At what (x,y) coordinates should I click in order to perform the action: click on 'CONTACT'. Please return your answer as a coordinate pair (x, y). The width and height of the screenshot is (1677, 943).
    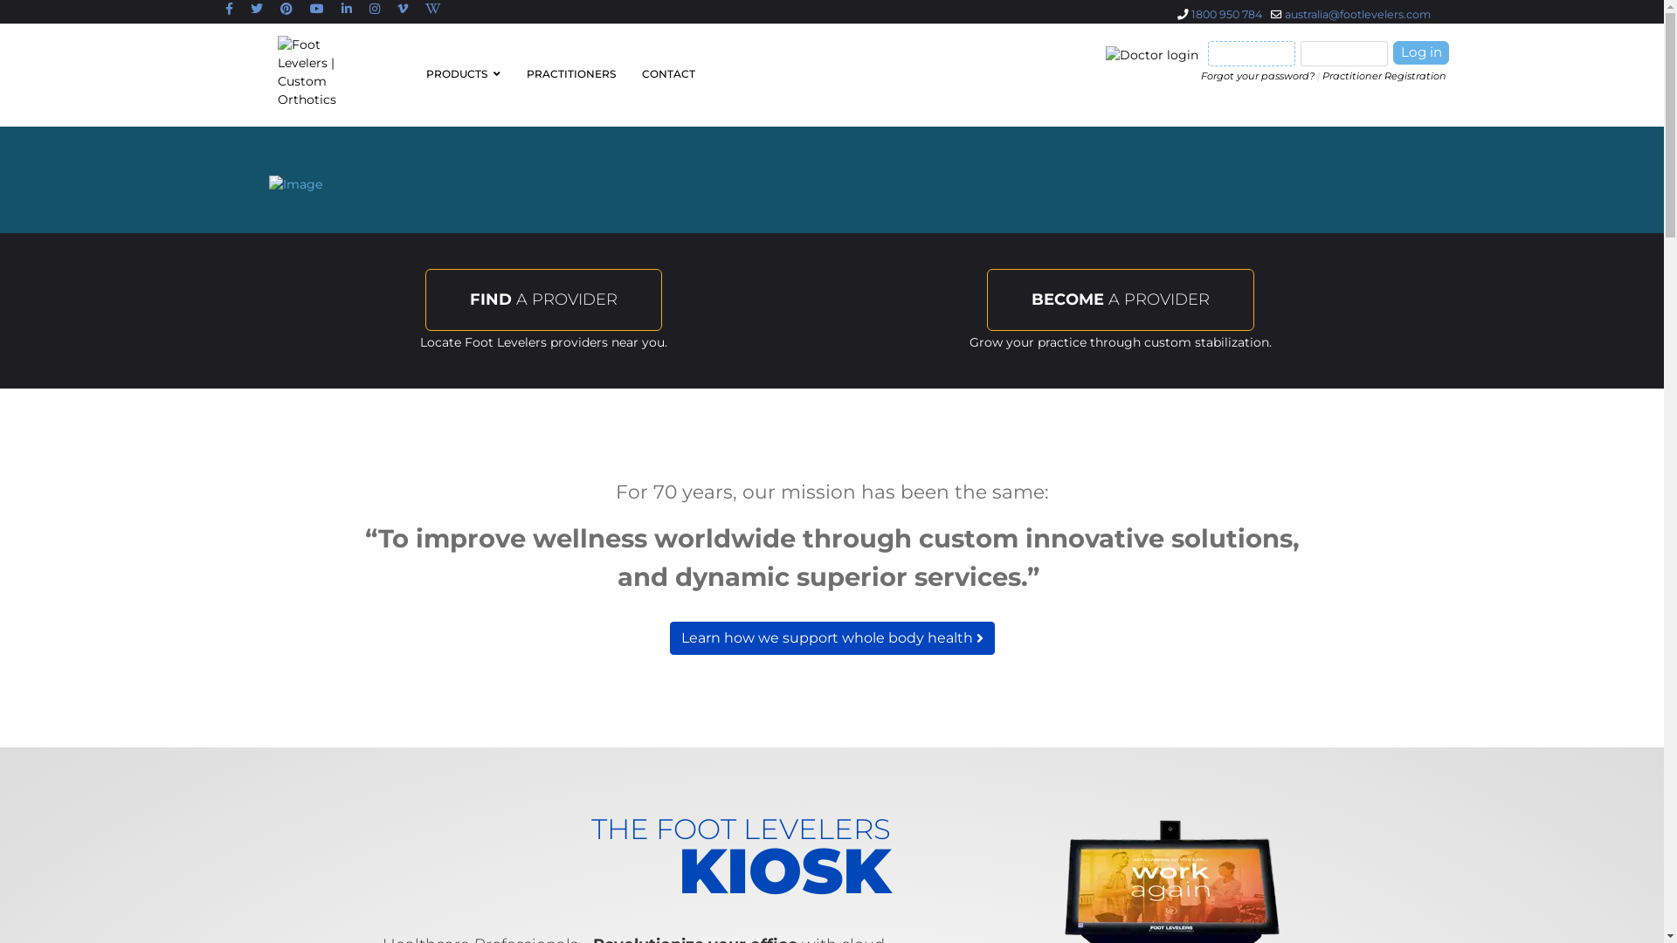
    Looking at the image, I should click on (661, 72).